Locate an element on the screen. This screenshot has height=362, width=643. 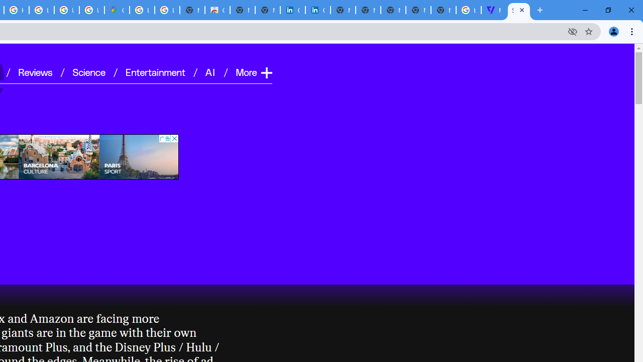
'Science' is located at coordinates (88, 71).